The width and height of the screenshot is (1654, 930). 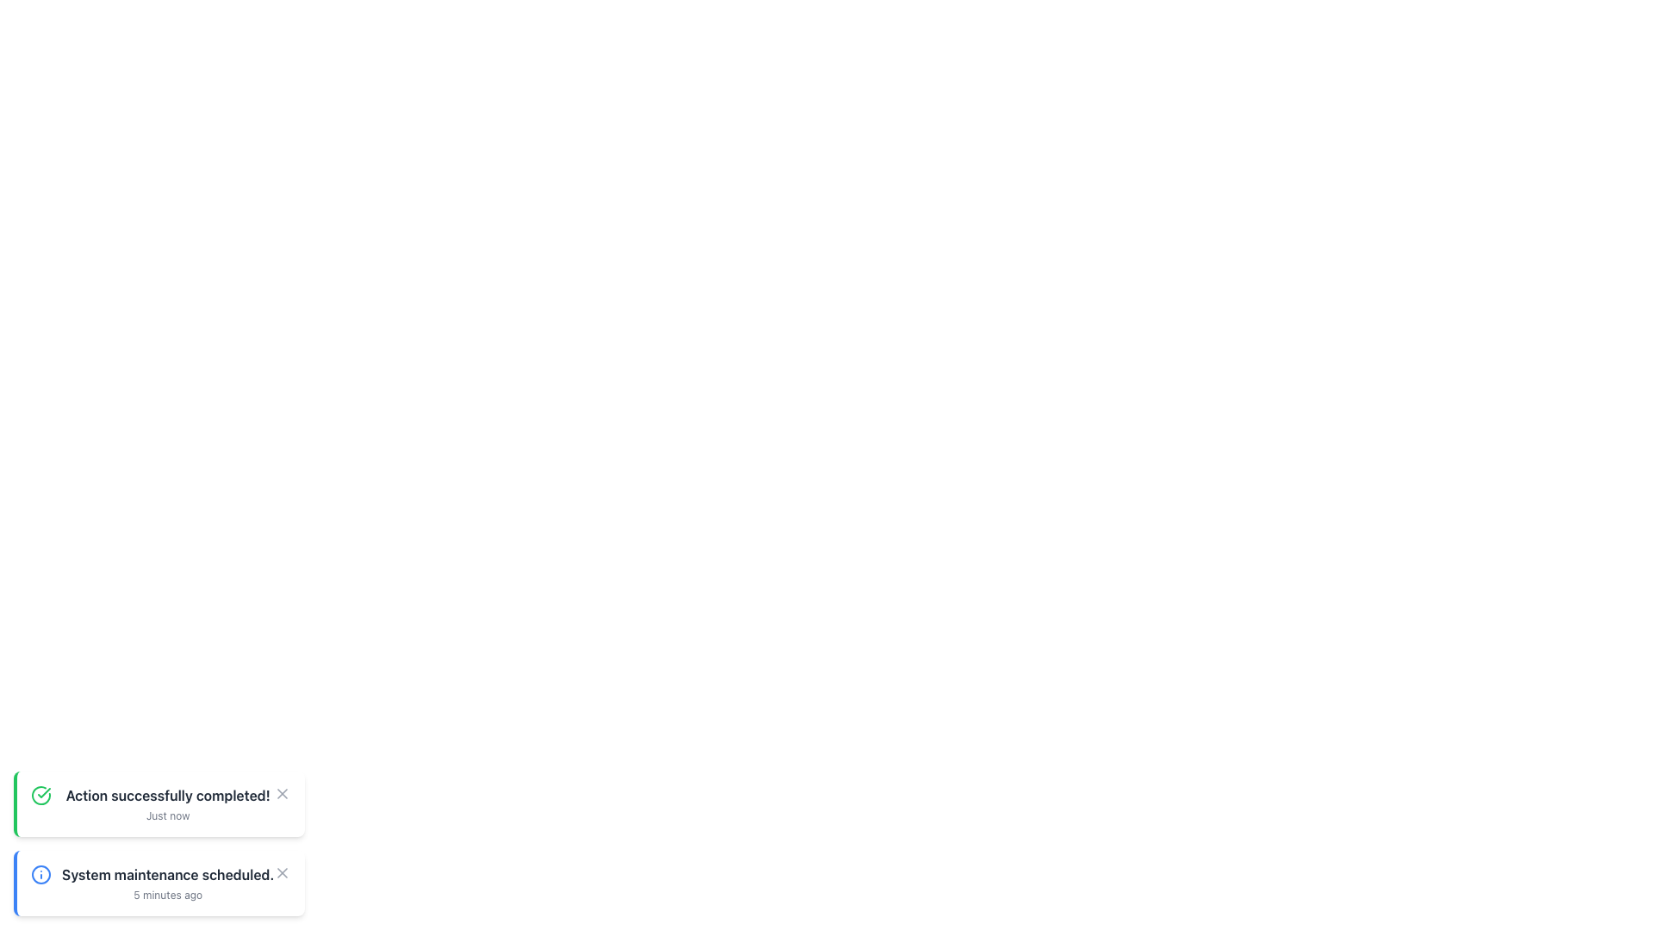 What do you see at coordinates (283, 793) in the screenshot?
I see `the gray 'X' button at the top-right corner of the alert box` at bounding box center [283, 793].